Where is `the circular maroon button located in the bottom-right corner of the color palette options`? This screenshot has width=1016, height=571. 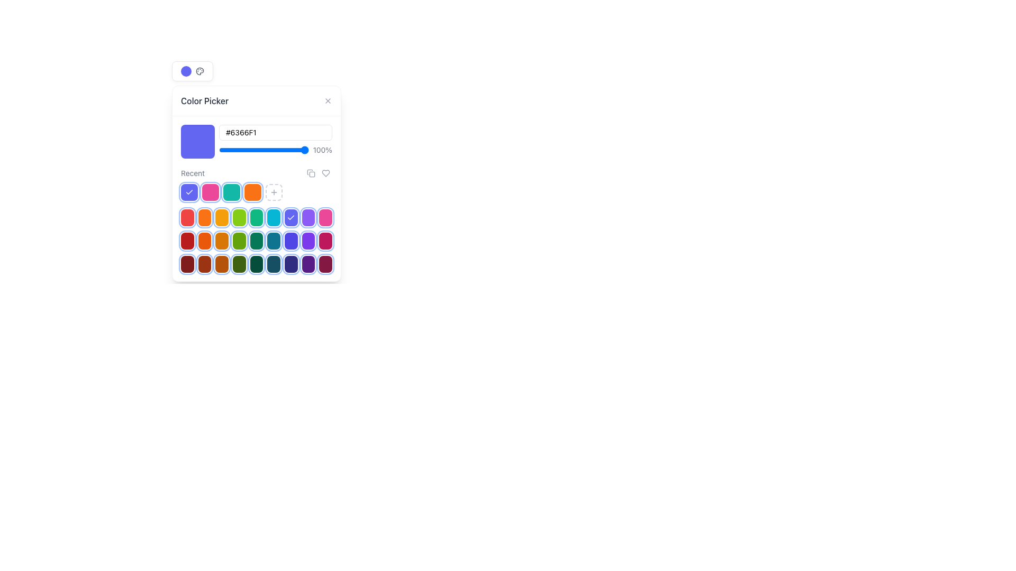
the circular maroon button located in the bottom-right corner of the color palette options is located at coordinates (325, 264).